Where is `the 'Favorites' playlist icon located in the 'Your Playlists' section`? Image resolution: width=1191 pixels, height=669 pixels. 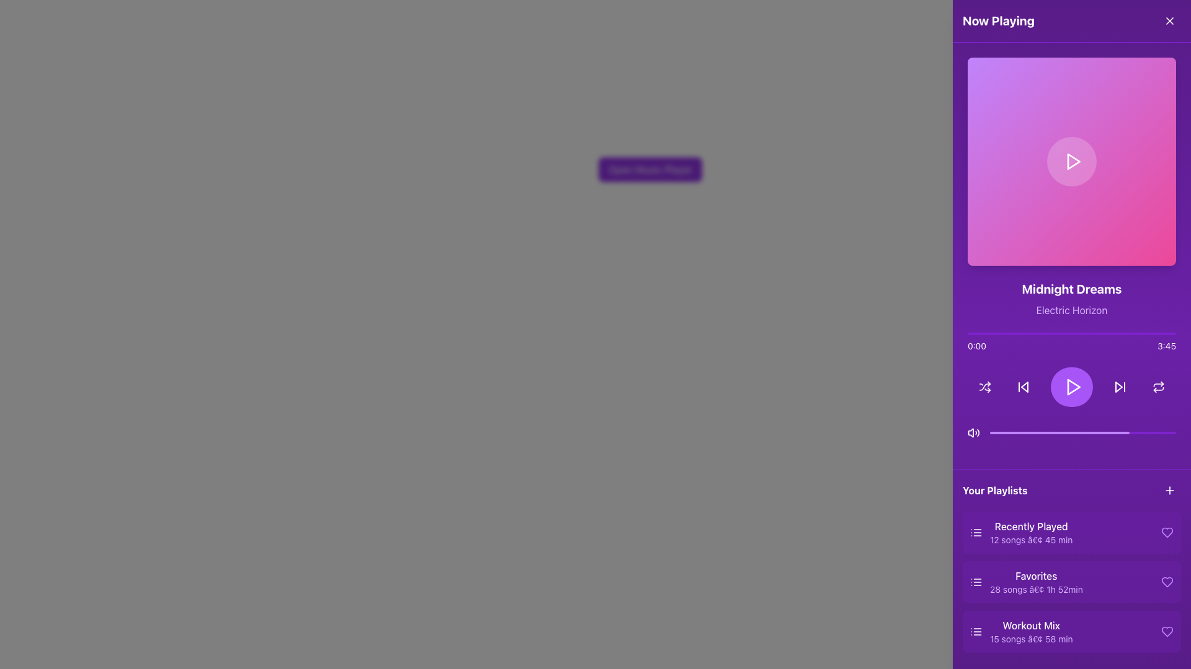
the 'Favorites' playlist icon located in the 'Your Playlists' section is located at coordinates (976, 582).